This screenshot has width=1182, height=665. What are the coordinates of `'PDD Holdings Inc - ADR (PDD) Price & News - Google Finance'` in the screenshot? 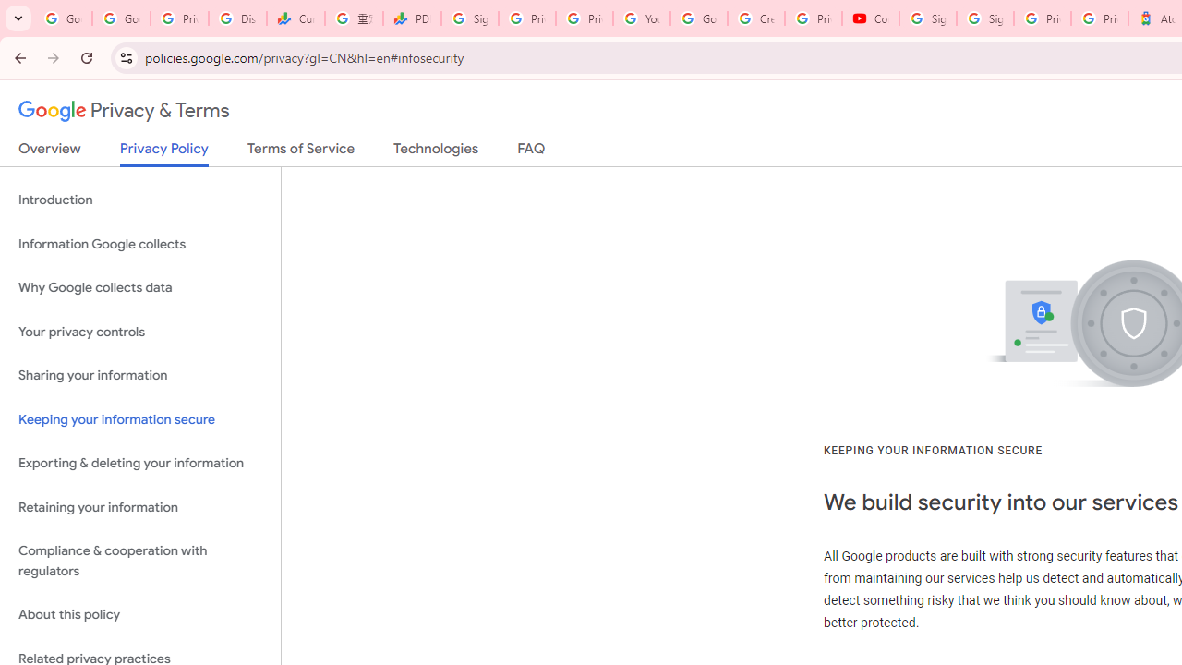 It's located at (411, 18).